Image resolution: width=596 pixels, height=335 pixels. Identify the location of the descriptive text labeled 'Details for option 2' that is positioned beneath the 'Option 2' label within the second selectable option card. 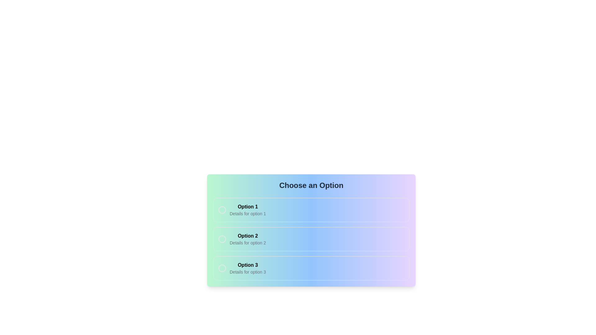
(247, 243).